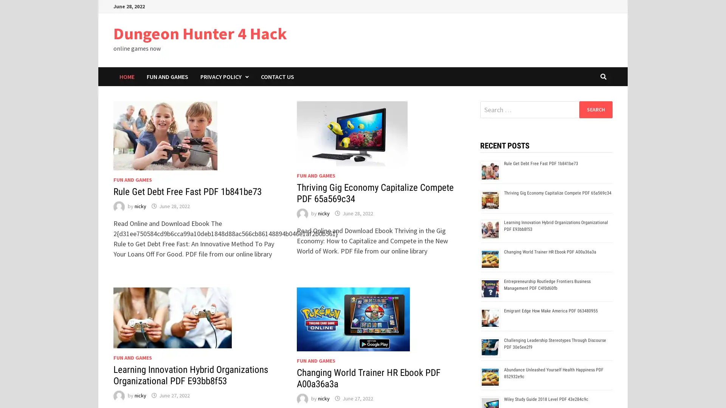  What do you see at coordinates (595, 109) in the screenshot?
I see `Search` at bounding box center [595, 109].